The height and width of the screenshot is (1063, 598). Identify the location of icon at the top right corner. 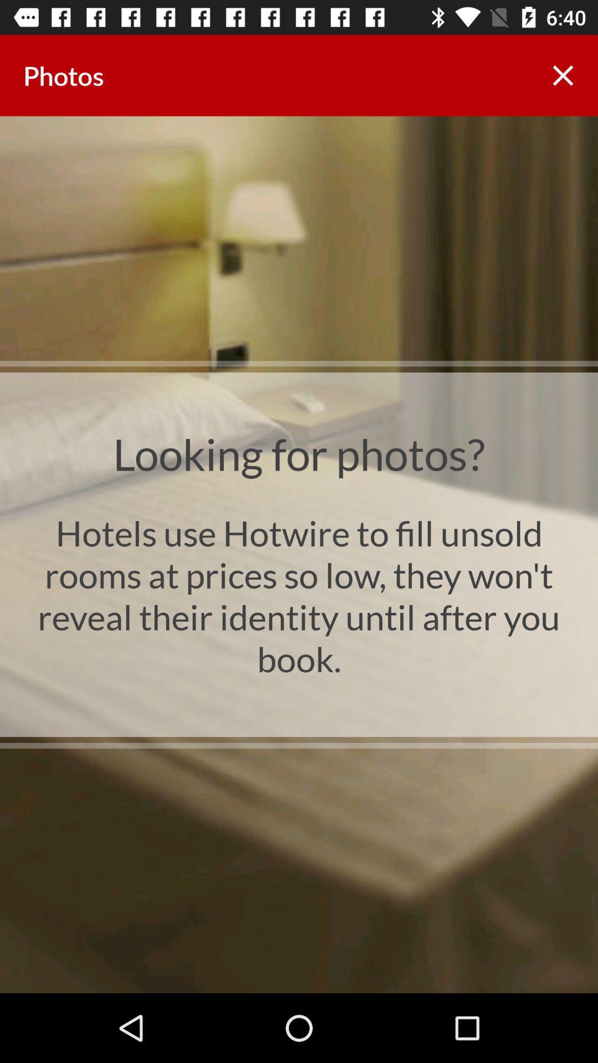
(563, 75).